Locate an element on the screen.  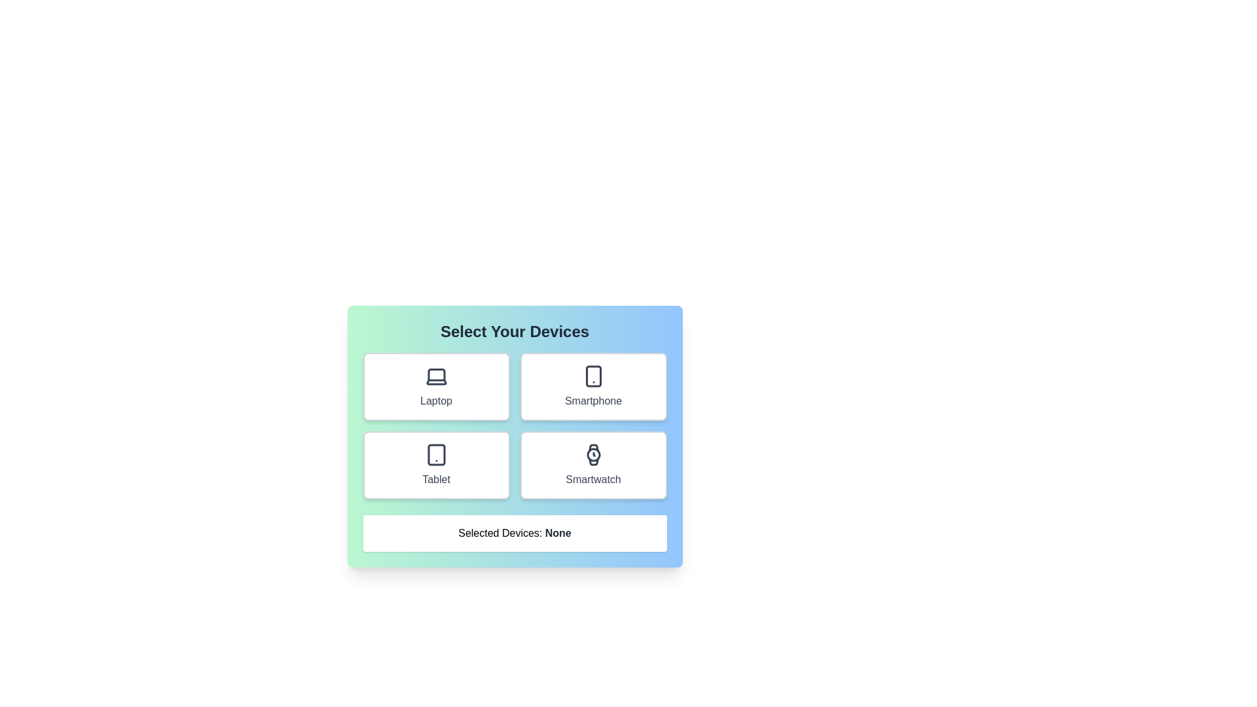
the Smartwatch button to toggle its selection is located at coordinates (592, 464).